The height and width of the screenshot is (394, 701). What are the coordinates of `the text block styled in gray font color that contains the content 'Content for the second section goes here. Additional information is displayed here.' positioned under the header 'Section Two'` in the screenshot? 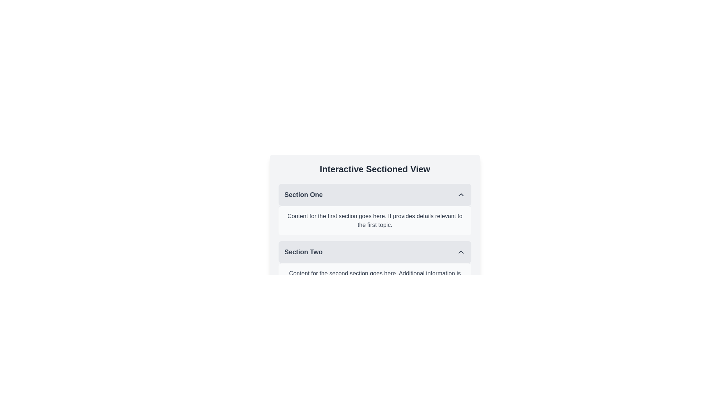 It's located at (375, 278).